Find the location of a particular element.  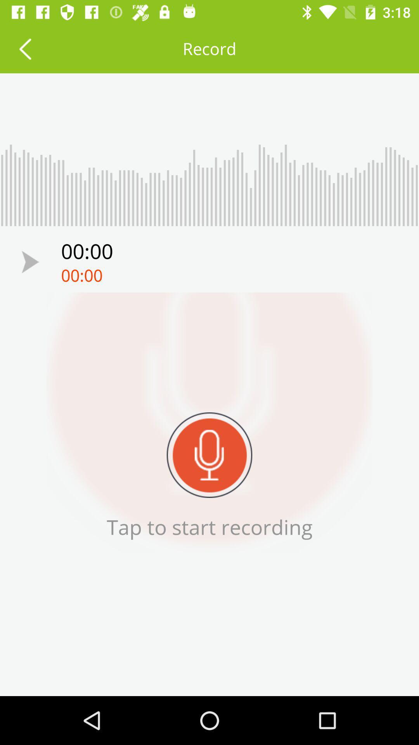

item next to 00:00 item is located at coordinates (30, 262).